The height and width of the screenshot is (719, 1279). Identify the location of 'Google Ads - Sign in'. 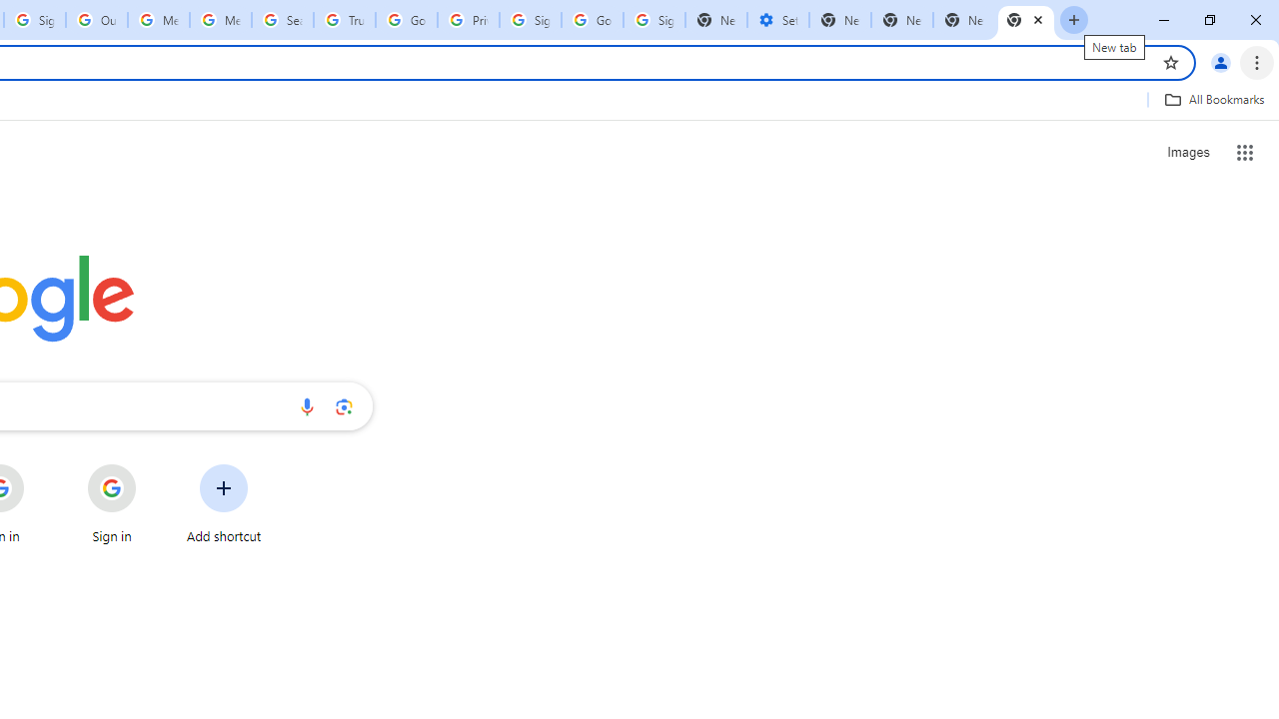
(406, 20).